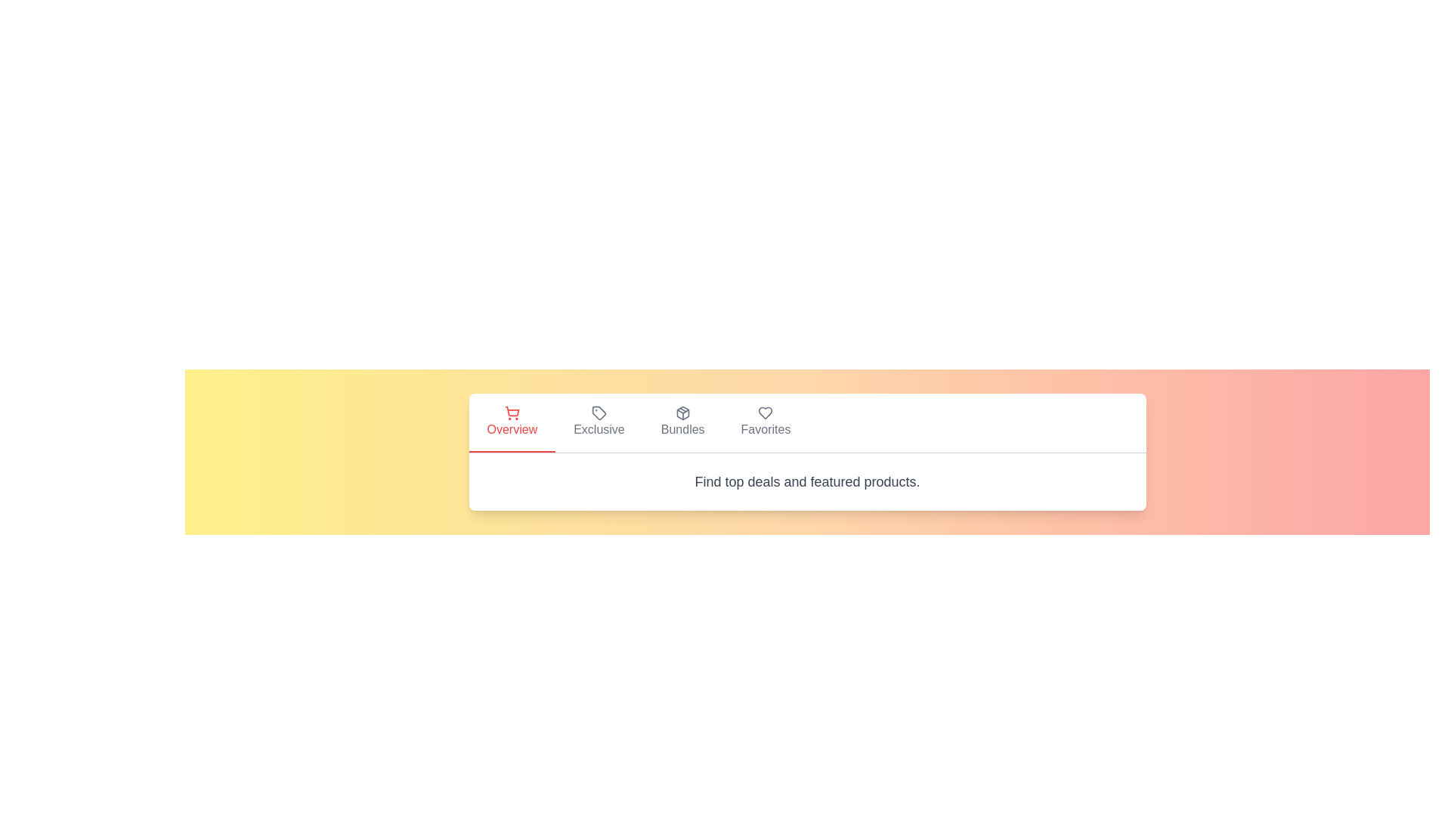 The width and height of the screenshot is (1451, 816). I want to click on the tab labeled Exclusive to observe visual feedback, so click(598, 422).